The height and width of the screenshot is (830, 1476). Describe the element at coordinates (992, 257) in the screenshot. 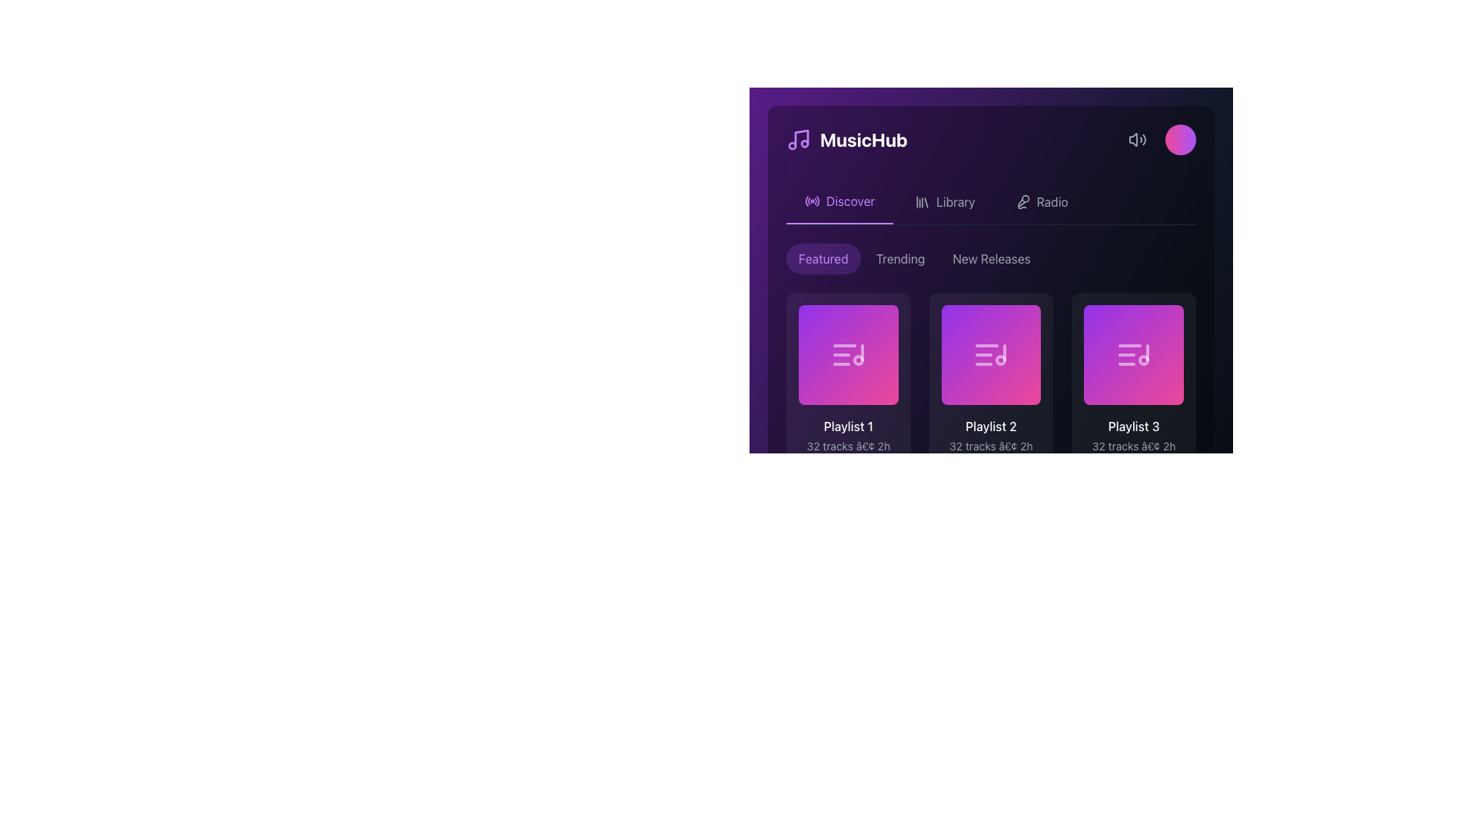

I see `the 'New Releases' button, which is the third button from the left in the horizontal row beneath the top navigation menu` at that location.